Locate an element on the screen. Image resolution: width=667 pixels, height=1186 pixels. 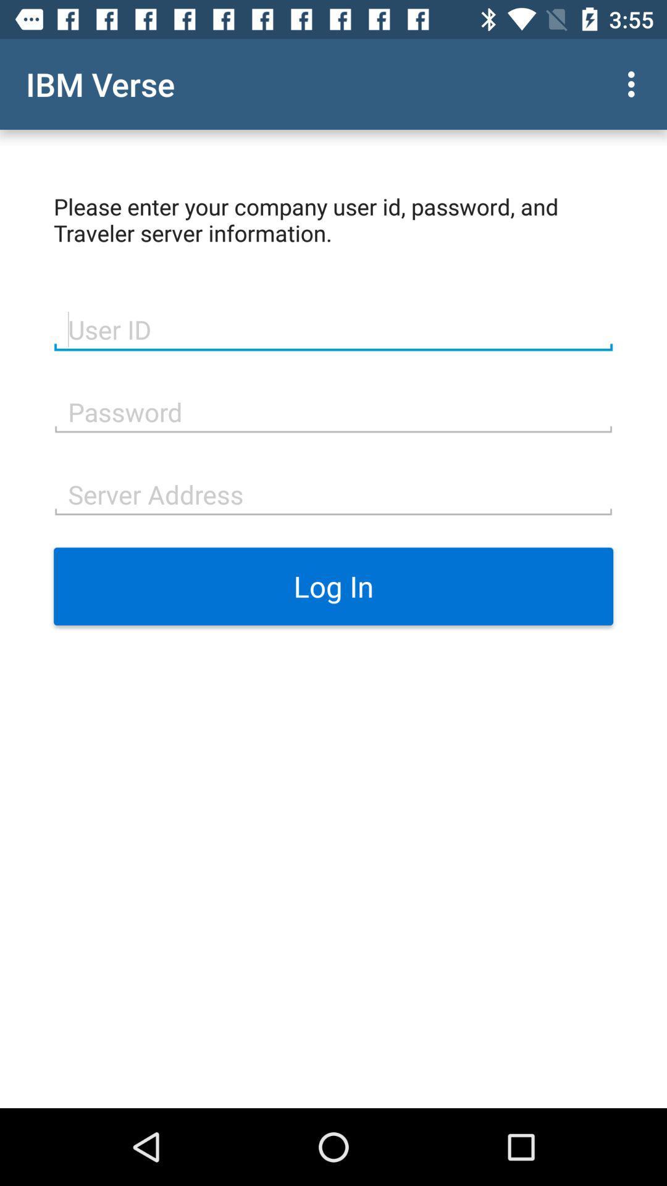
the log in item is located at coordinates (333, 586).